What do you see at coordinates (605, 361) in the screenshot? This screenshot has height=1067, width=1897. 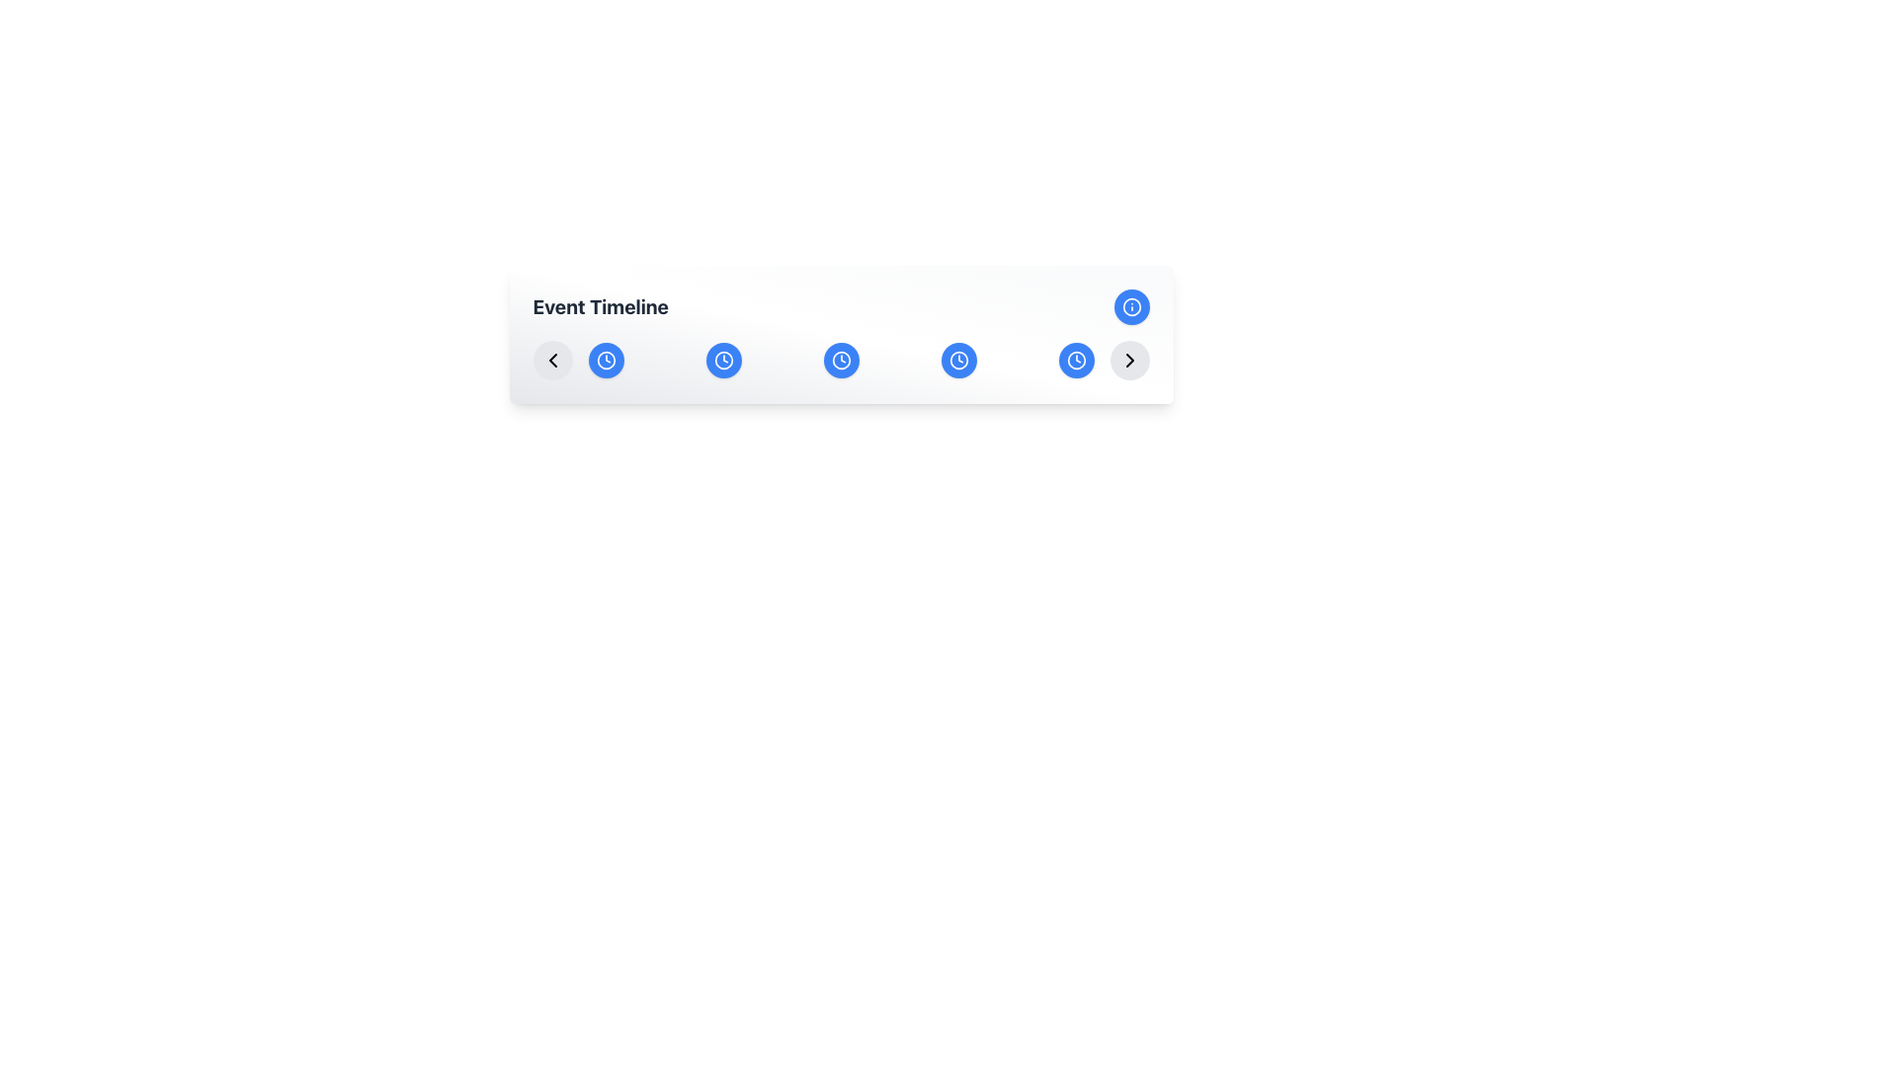 I see `the first circular icon from the left in the horizontal row of icons below the 'Event Timeline' heading` at bounding box center [605, 361].